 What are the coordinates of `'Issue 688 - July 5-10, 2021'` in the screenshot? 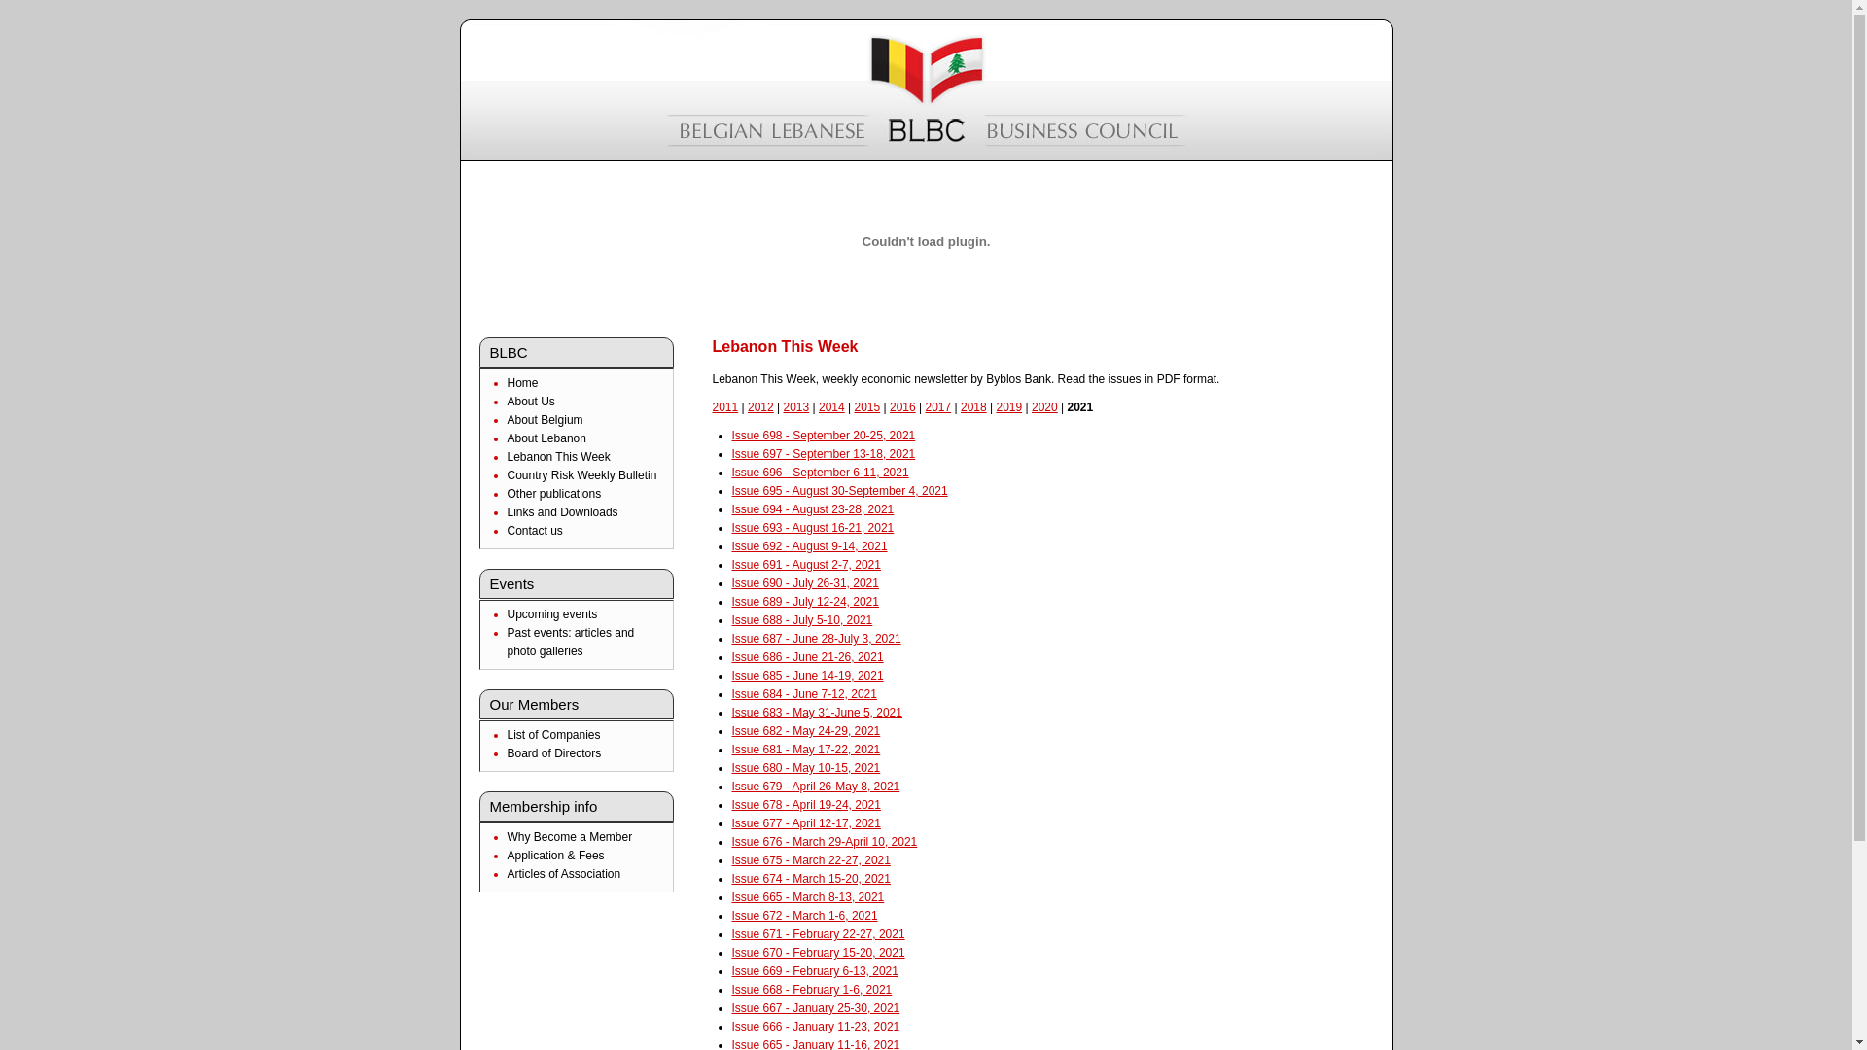 It's located at (801, 619).